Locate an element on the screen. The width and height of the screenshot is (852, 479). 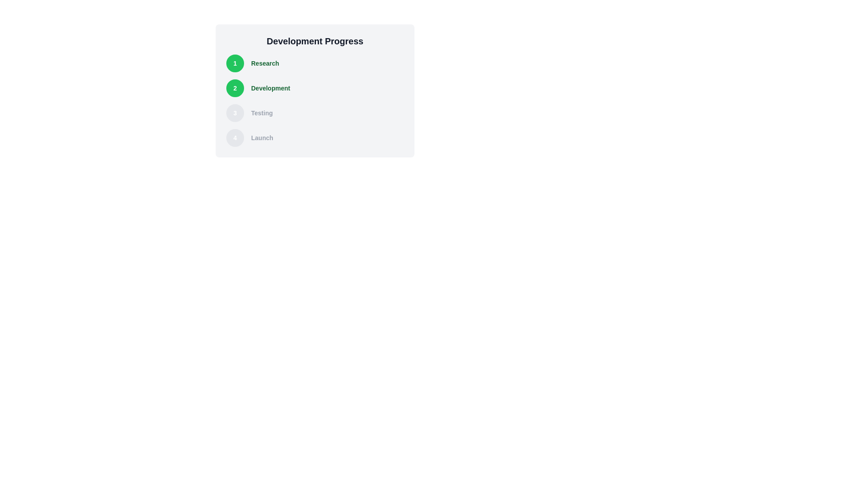
the text label displaying 'Launch' which is styled in a small, bold, gray font and is located next to a circular icon showing '4' is located at coordinates (261, 138).